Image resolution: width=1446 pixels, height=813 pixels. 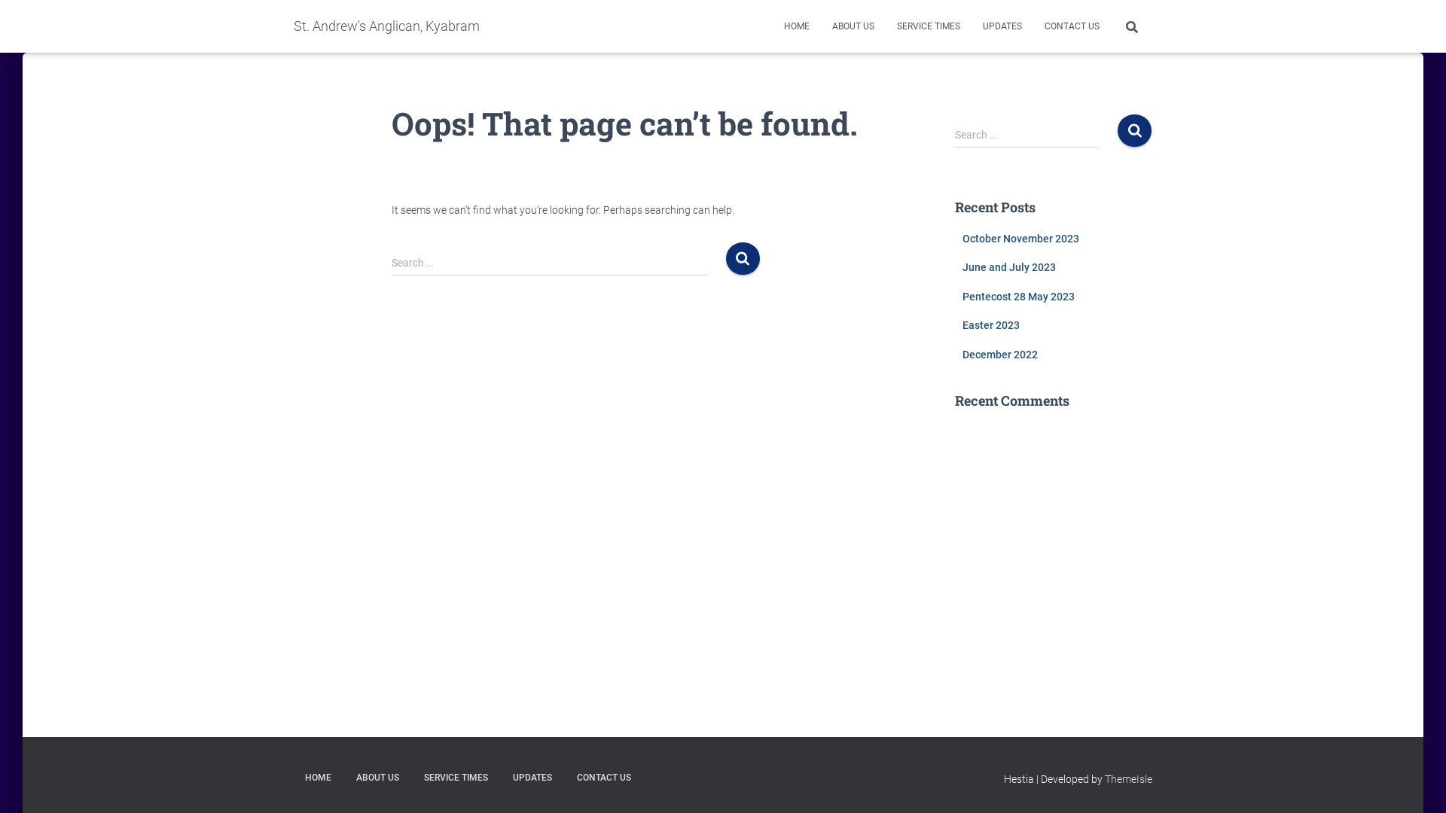 What do you see at coordinates (386, 26) in the screenshot?
I see `'St. Andrew's Anglican, Kyabram'` at bounding box center [386, 26].